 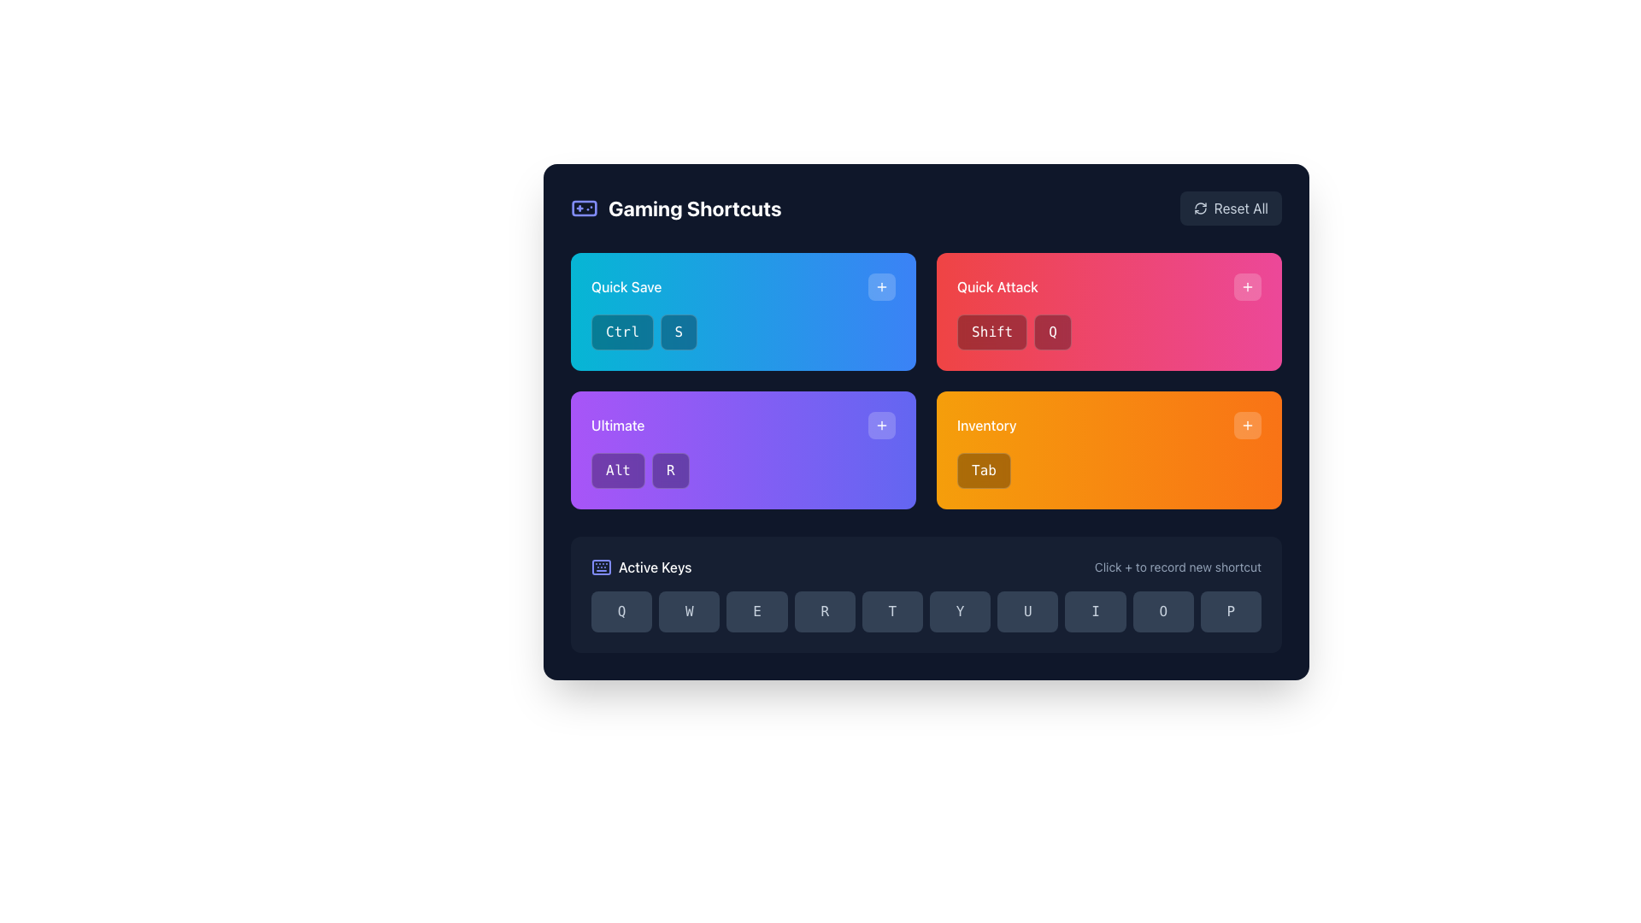 I want to click on title text indicating the section contains gaming shortcuts, located near the top-left corner of the interface, right of the game controller icon, so click(x=695, y=207).